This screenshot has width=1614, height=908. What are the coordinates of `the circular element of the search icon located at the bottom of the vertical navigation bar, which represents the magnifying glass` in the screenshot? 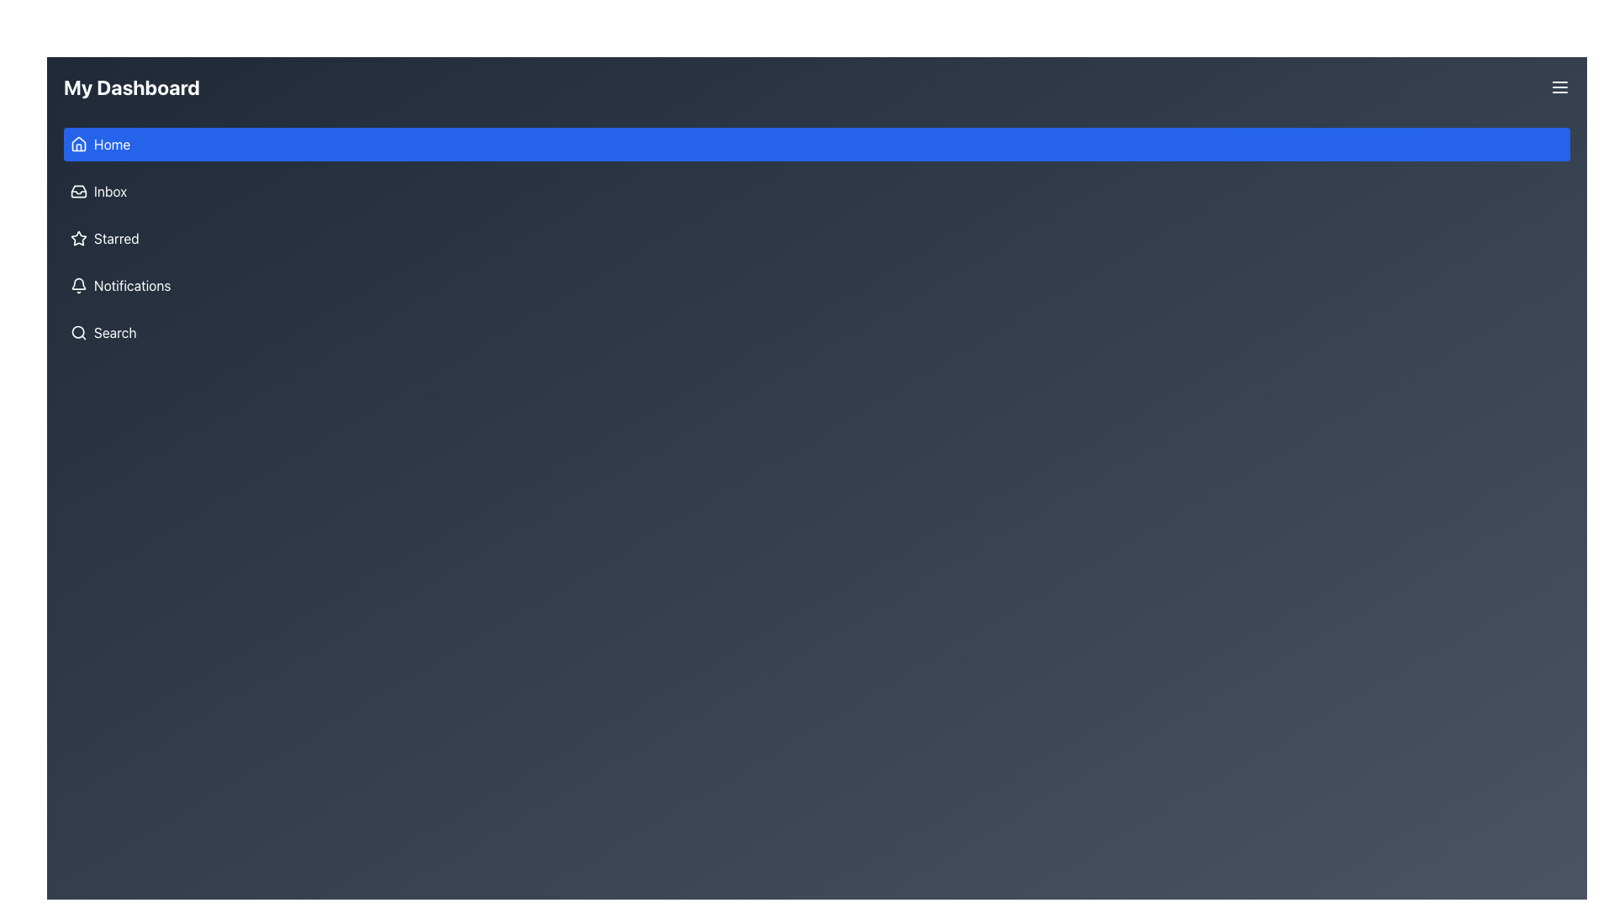 It's located at (77, 332).